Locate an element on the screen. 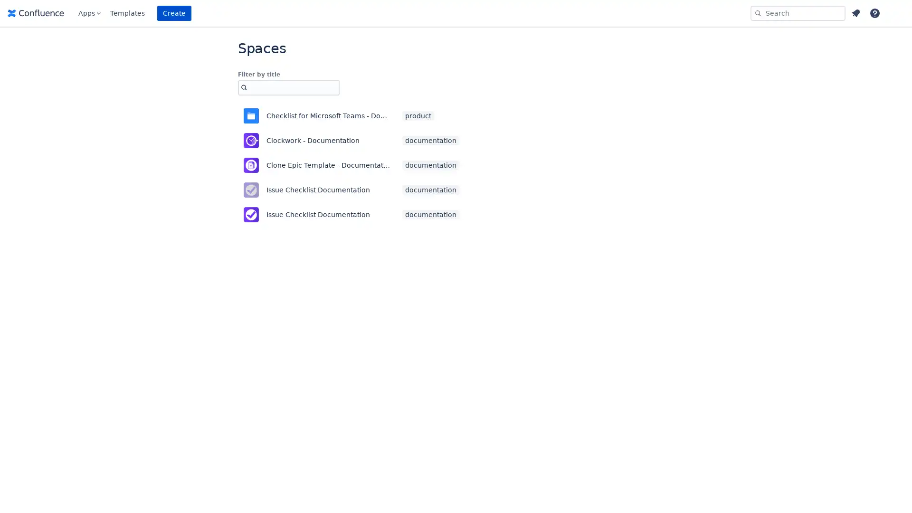 This screenshot has height=513, width=912. documentation is located at coordinates (430, 141).